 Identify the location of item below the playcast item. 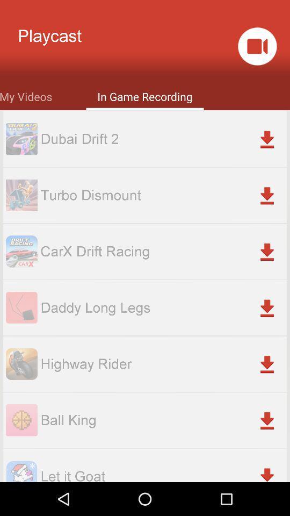
(26, 95).